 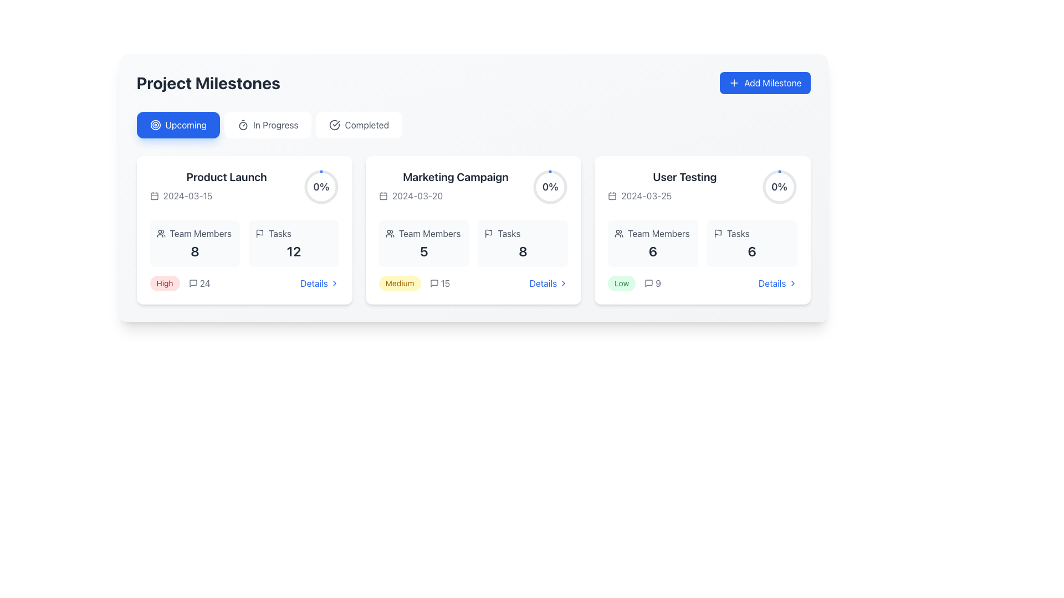 What do you see at coordinates (792, 283) in the screenshot?
I see `the right-pointing chevron icon located to the far right of the 'Details' label in the third milestone card (User Testing) within the 'Project Milestones' section to trigger potential hover effects` at bounding box center [792, 283].